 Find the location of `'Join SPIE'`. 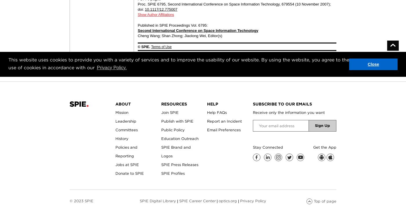

'Join SPIE' is located at coordinates (161, 112).